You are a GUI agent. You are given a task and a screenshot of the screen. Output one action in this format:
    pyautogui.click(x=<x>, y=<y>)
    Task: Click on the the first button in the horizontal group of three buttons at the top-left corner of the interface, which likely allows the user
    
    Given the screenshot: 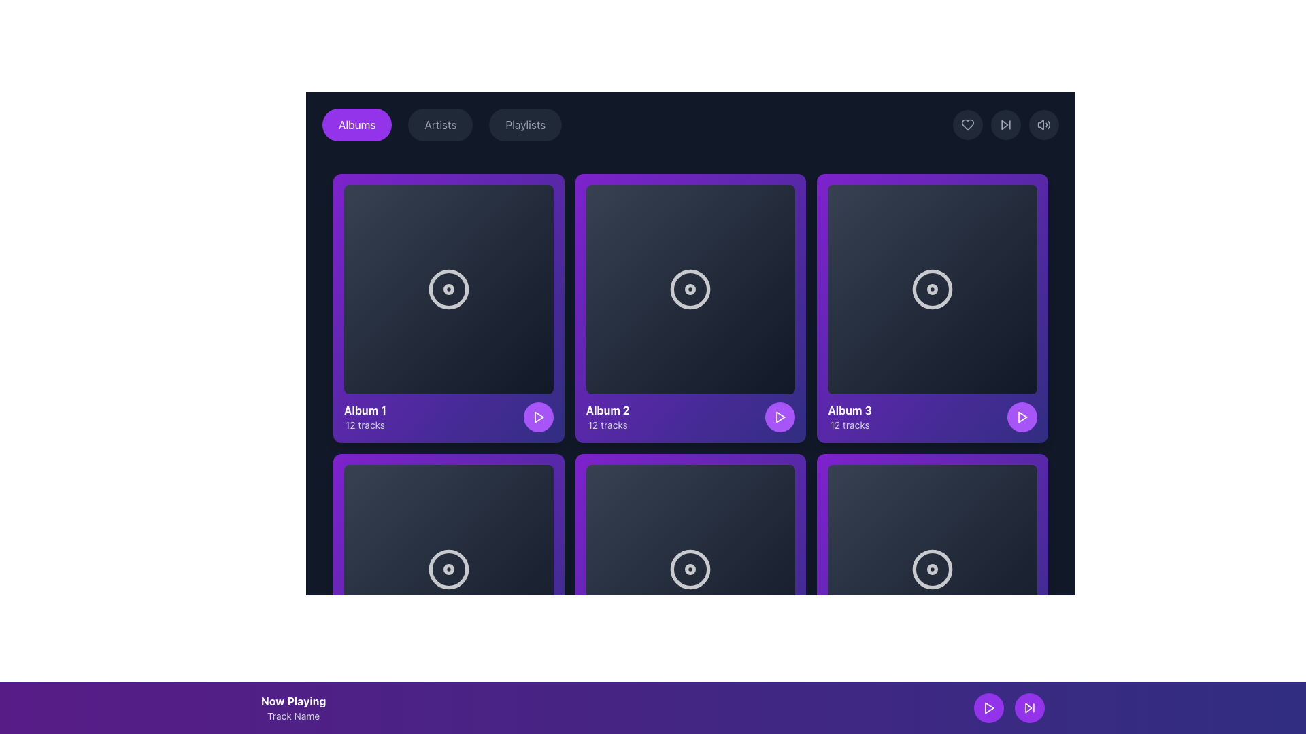 What is the action you would take?
    pyautogui.click(x=357, y=125)
    